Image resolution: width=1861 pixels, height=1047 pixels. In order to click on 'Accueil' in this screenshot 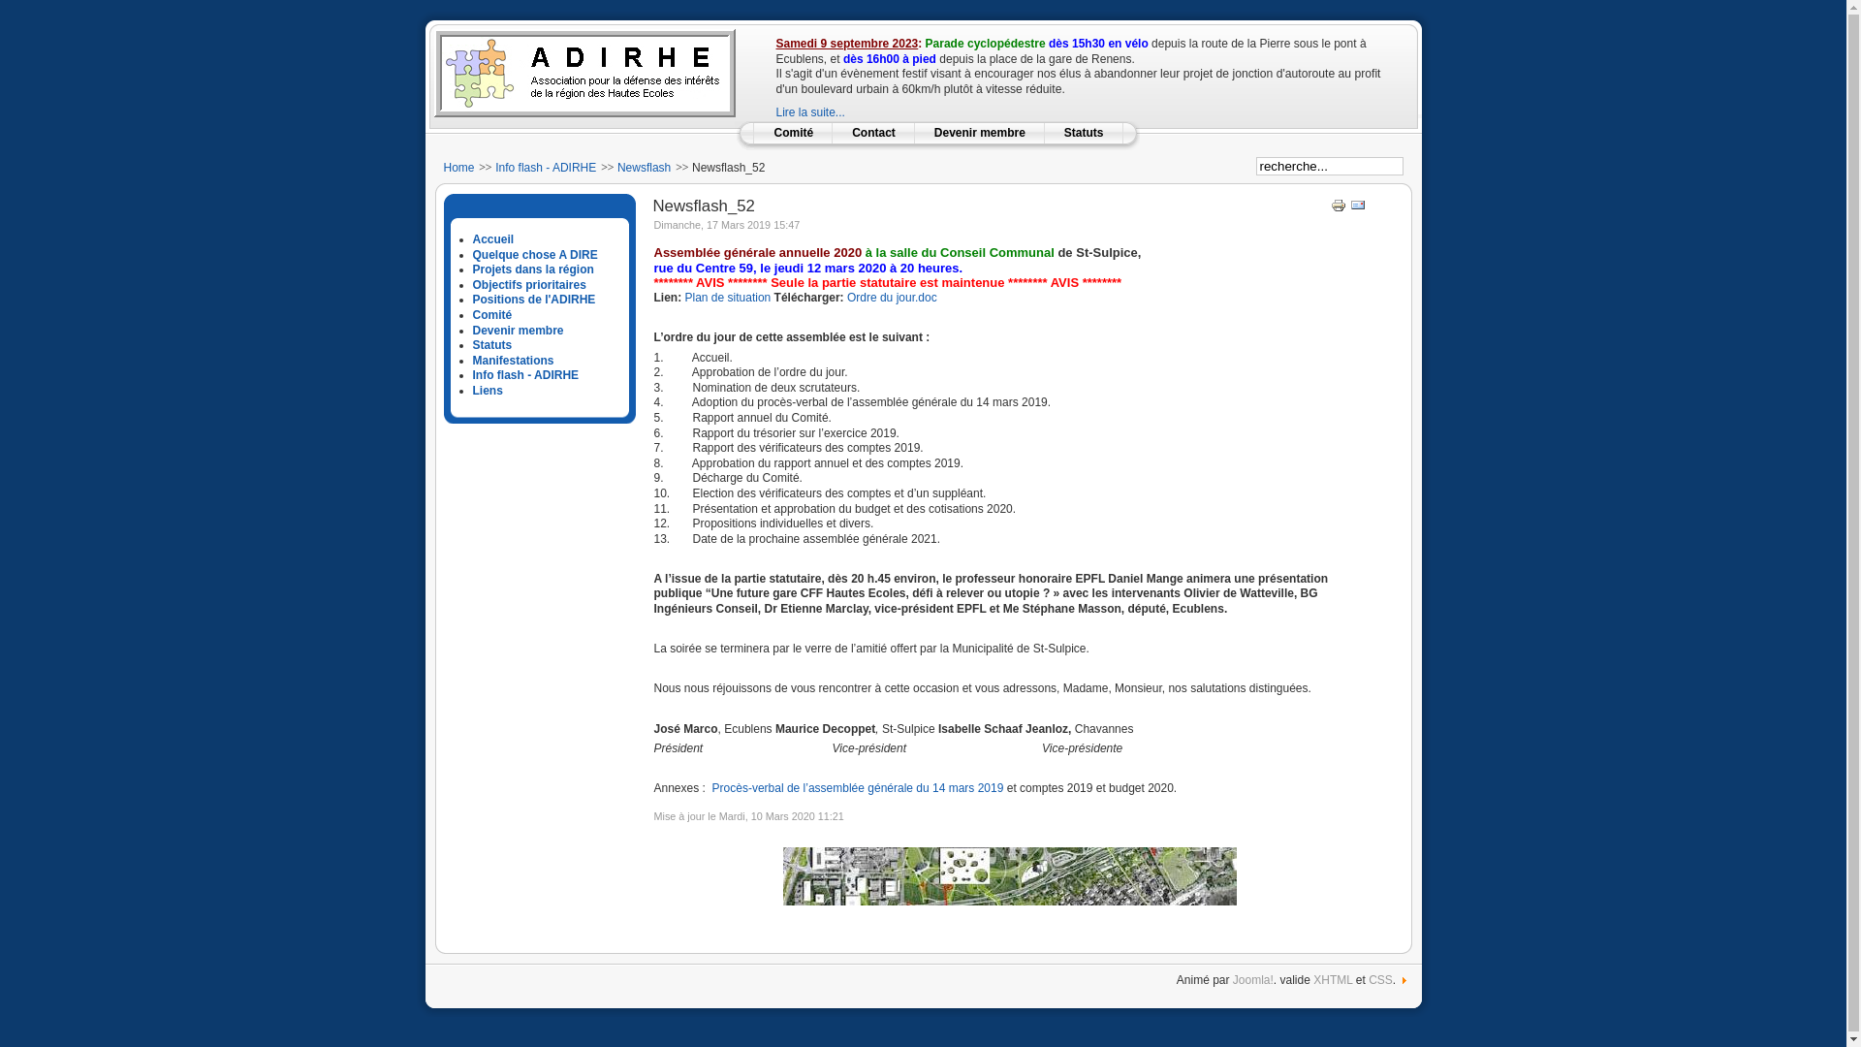, I will do `click(493, 238)`.